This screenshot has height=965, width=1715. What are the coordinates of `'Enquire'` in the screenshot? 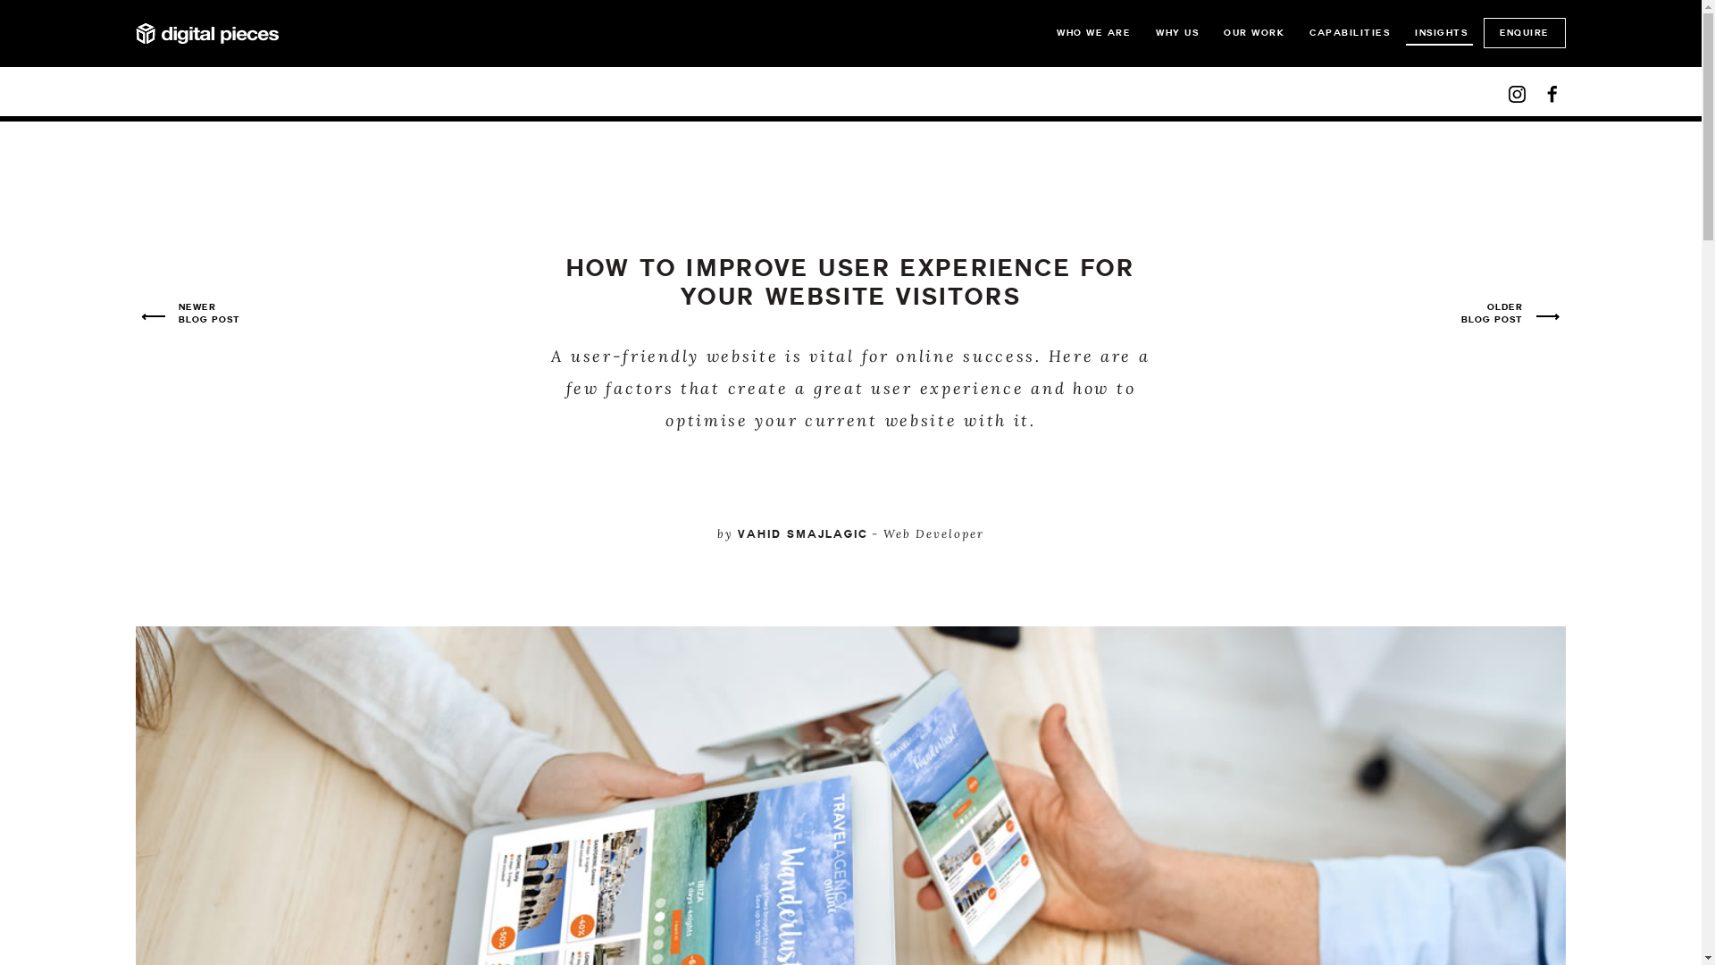 It's located at (1524, 33).